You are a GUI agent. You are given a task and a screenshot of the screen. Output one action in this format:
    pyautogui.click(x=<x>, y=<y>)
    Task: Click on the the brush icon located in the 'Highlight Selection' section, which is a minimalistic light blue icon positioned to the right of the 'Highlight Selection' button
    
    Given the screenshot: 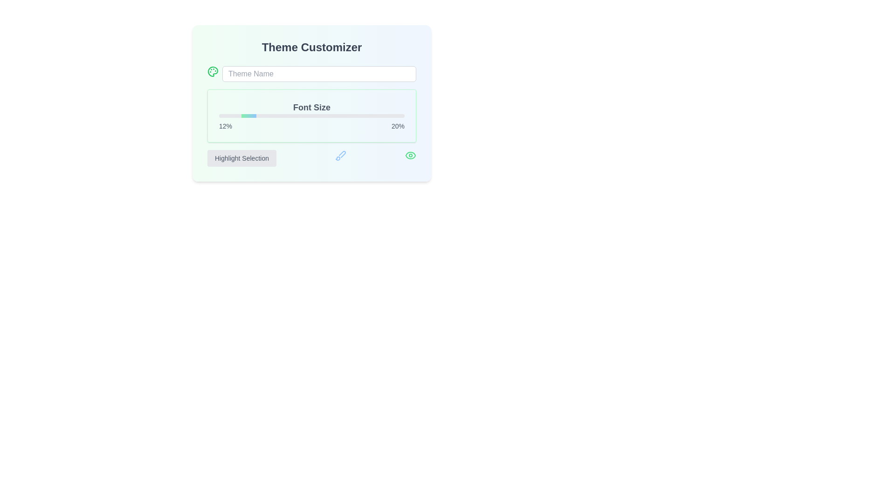 What is the action you would take?
    pyautogui.click(x=340, y=155)
    